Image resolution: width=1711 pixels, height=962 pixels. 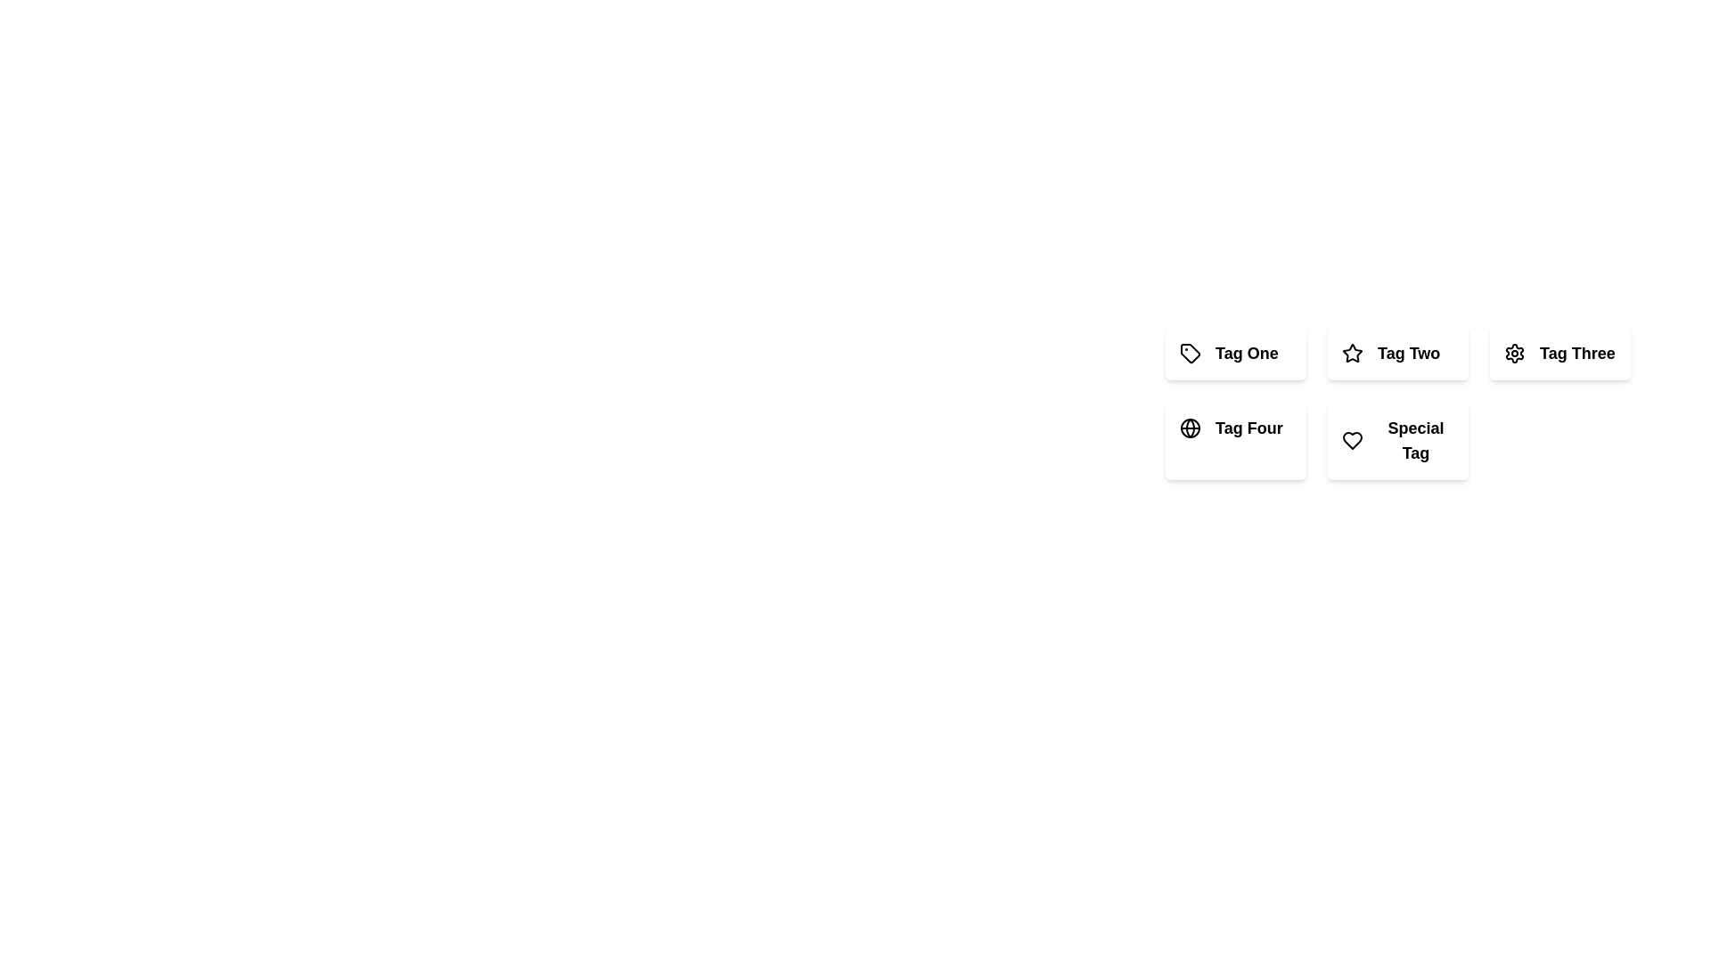 What do you see at coordinates (1397, 440) in the screenshot?
I see `the 'Special Tag' button, which is a rectangular button with rounded corners, containing the text 'Special Tag' in bold font and a heart icon, located at the bottom right of the grid layout` at bounding box center [1397, 440].